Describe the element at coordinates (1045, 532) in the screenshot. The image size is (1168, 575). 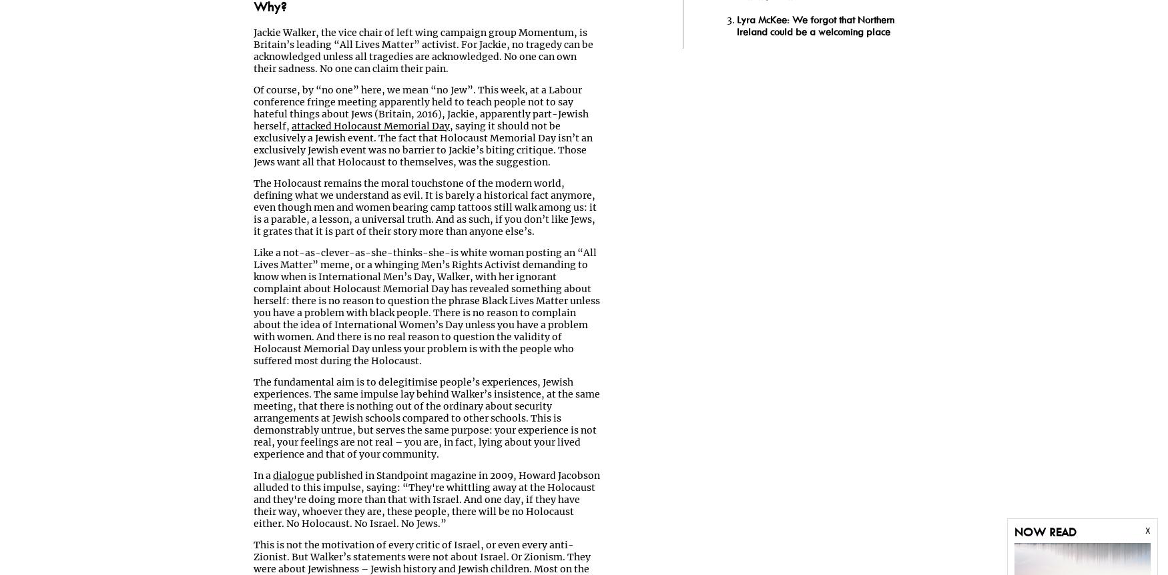
I see `'Now read'` at that location.